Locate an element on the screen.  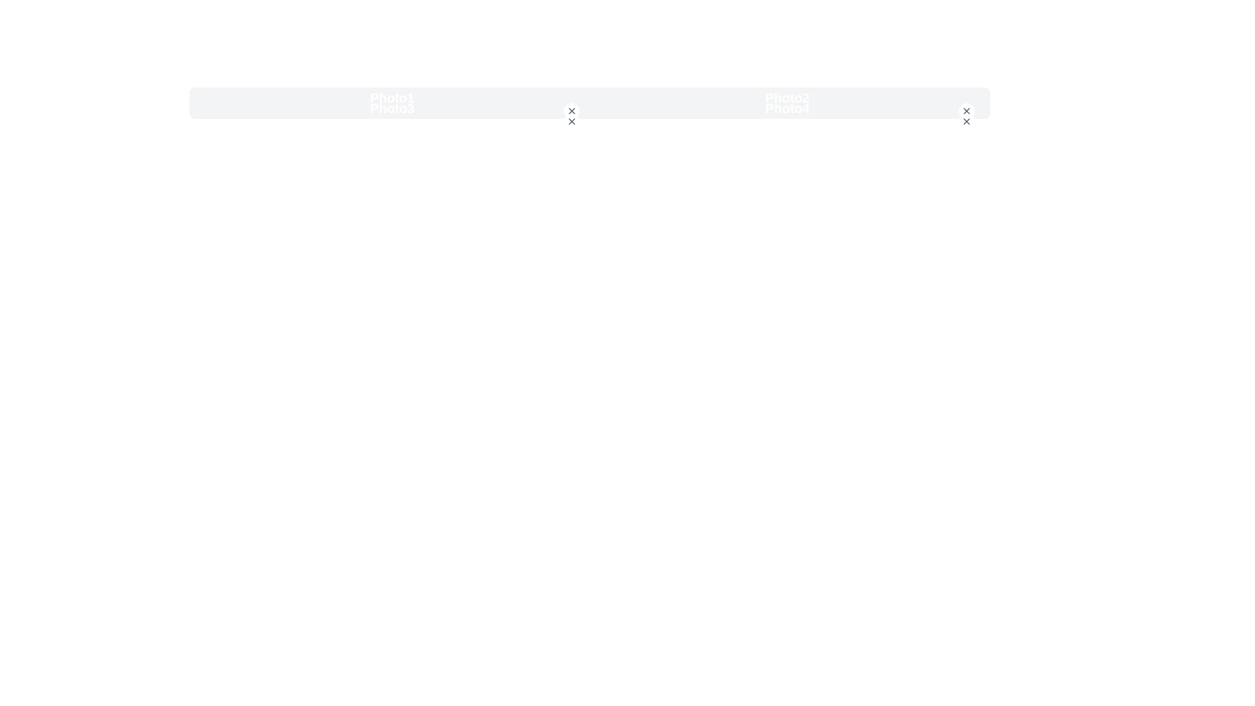
the close or delete button located in the top-right corner of the 'Photo4' item is located at coordinates (966, 121).